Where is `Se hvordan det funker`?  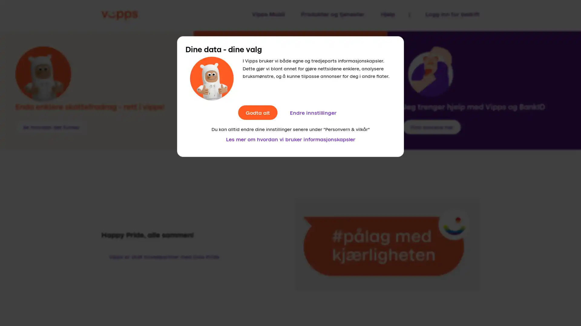 Se hvordan det funker is located at coordinates (51, 126).